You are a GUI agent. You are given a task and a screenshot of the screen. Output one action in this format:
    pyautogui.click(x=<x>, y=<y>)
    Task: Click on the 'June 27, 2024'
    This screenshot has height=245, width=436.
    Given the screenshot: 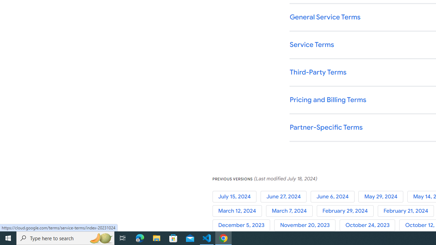 What is the action you would take?
    pyautogui.click(x=285, y=196)
    